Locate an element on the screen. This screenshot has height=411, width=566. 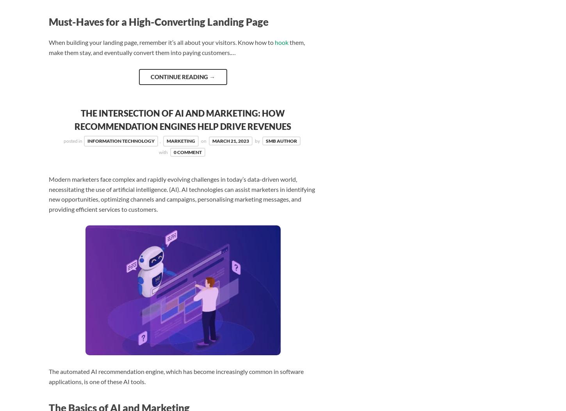
'Marketing' is located at coordinates (180, 141).